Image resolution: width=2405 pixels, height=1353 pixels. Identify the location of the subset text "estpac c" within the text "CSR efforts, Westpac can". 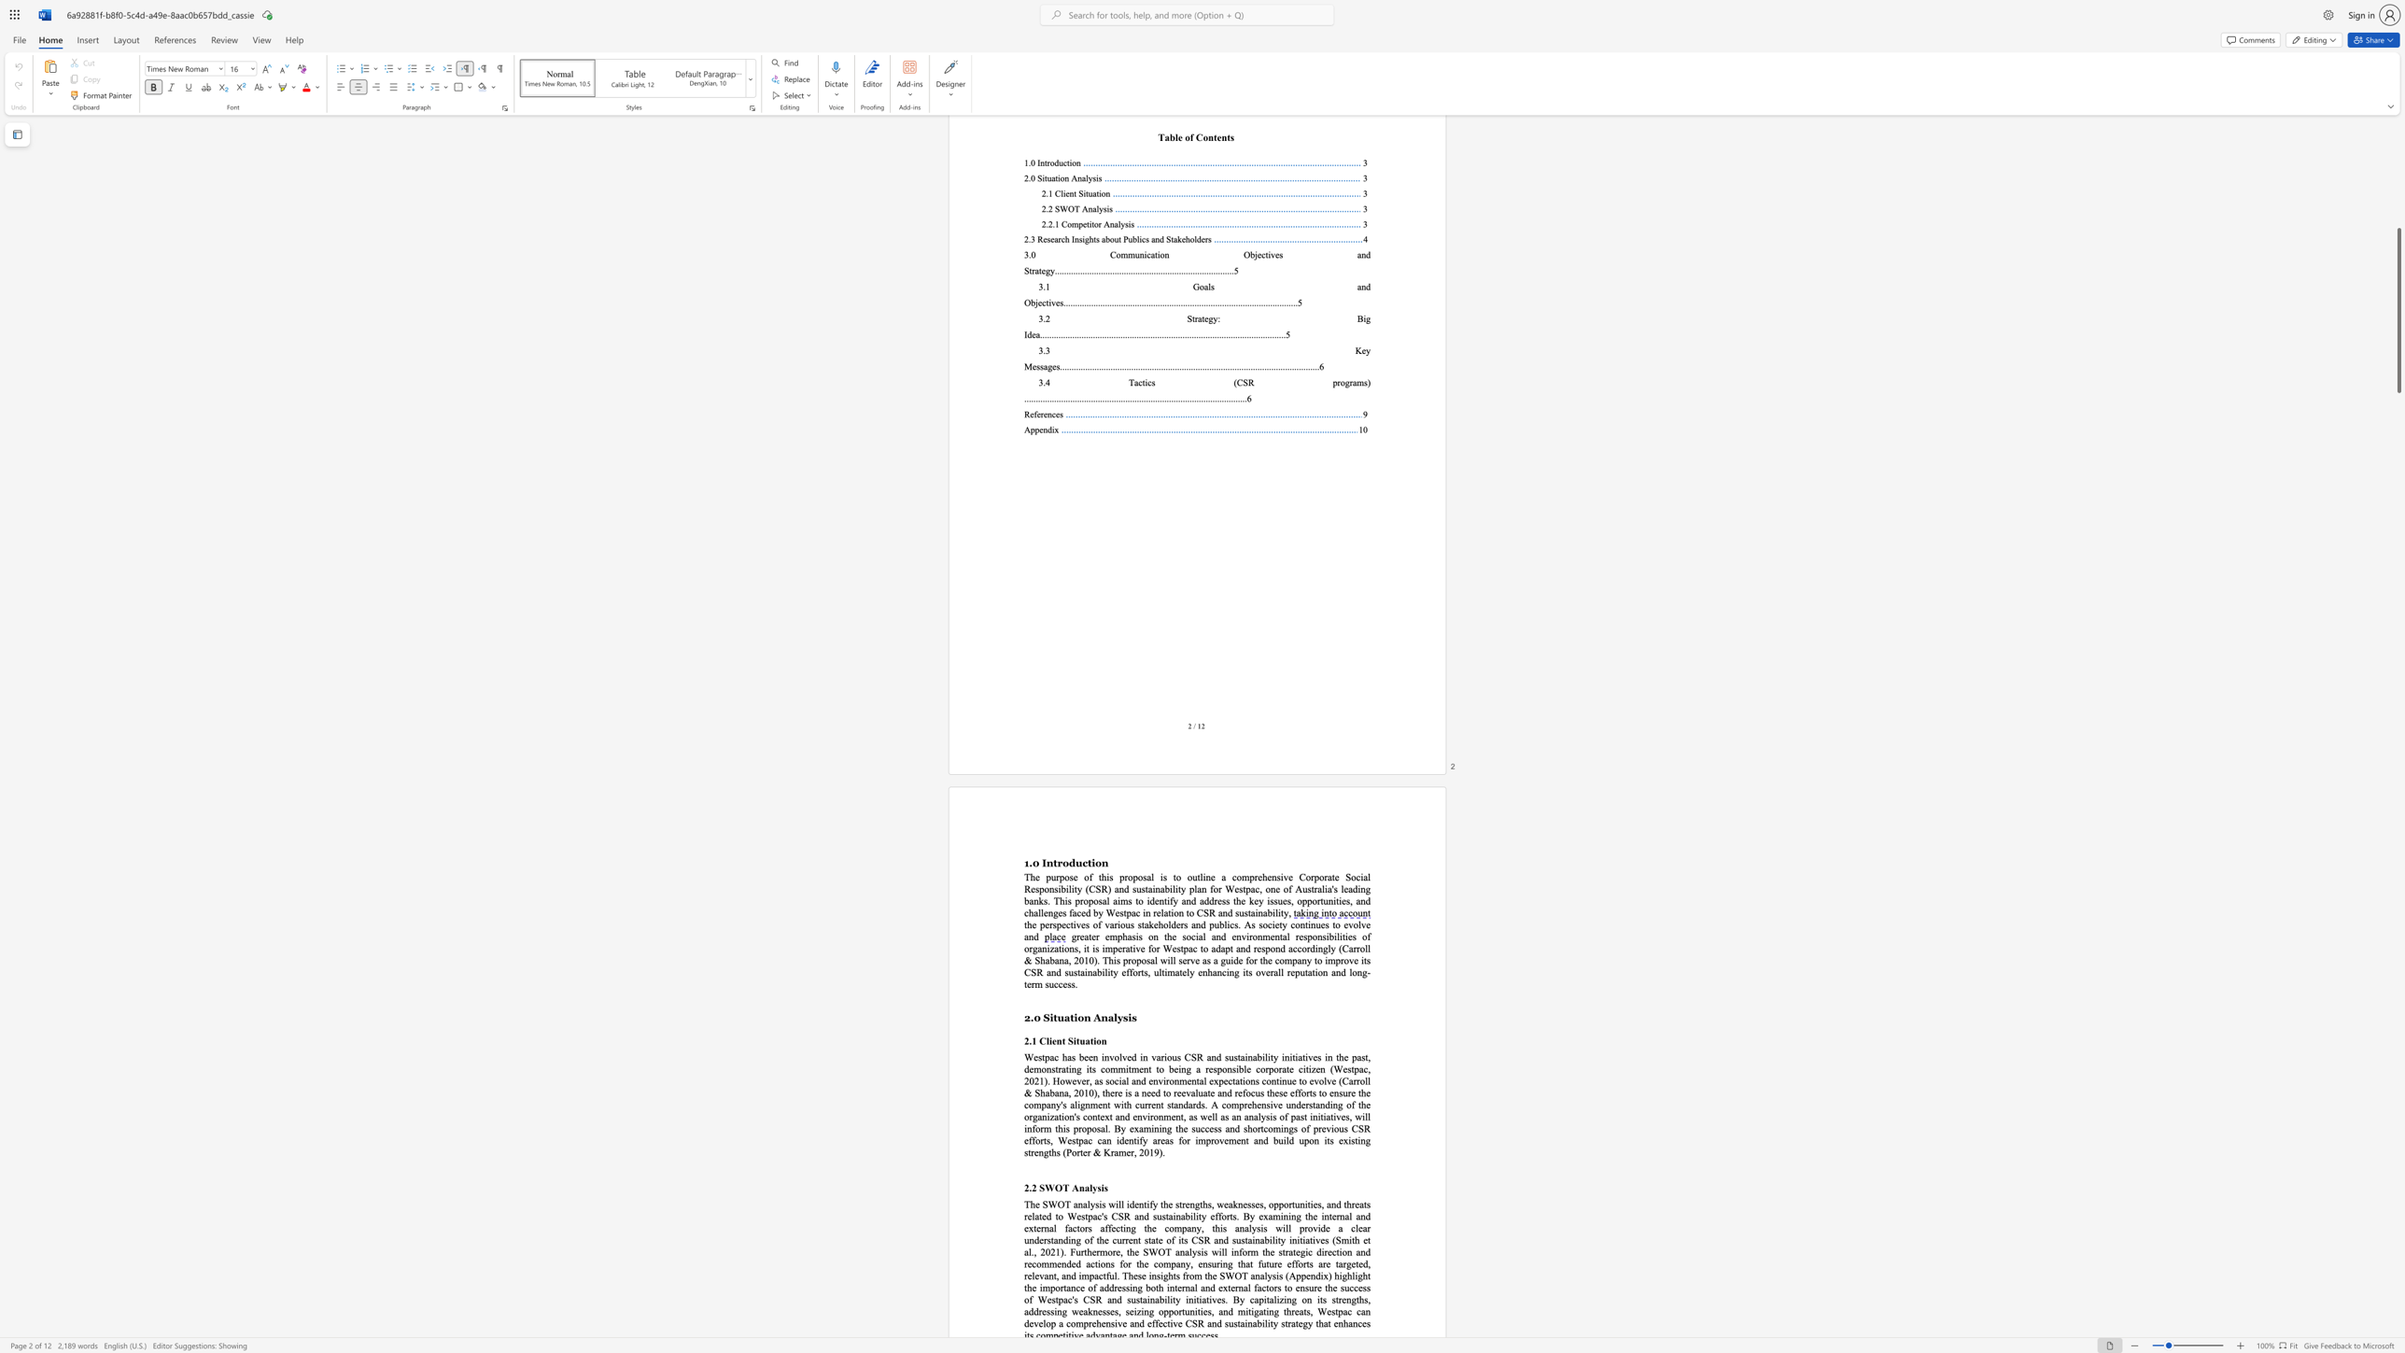
(1066, 1141).